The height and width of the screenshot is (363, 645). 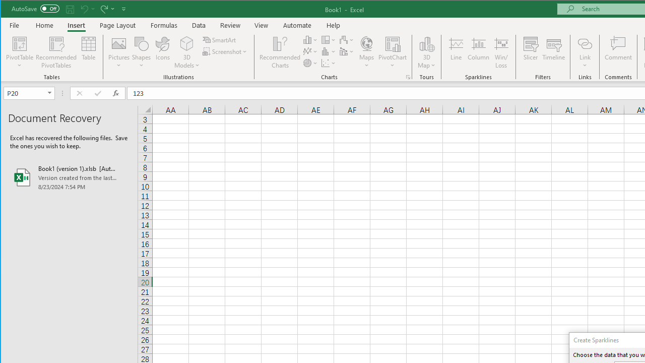 I want to click on 'Insert Pie or Doughnut Chart', so click(x=310, y=63).